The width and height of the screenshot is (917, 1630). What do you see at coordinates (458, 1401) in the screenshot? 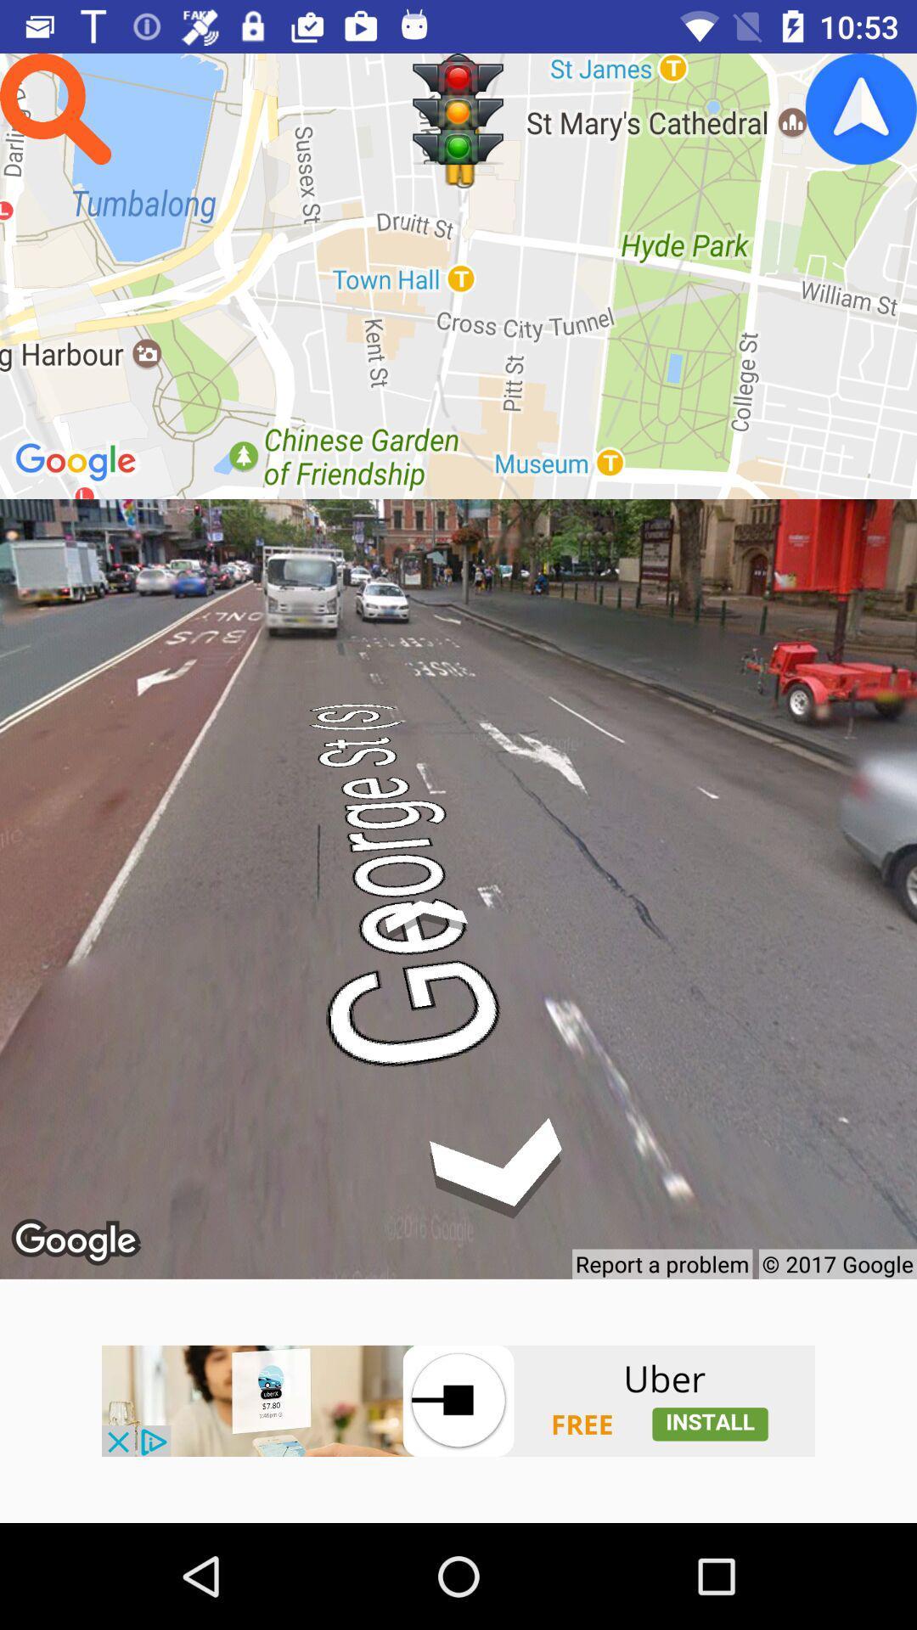
I see `uber app installation` at bounding box center [458, 1401].